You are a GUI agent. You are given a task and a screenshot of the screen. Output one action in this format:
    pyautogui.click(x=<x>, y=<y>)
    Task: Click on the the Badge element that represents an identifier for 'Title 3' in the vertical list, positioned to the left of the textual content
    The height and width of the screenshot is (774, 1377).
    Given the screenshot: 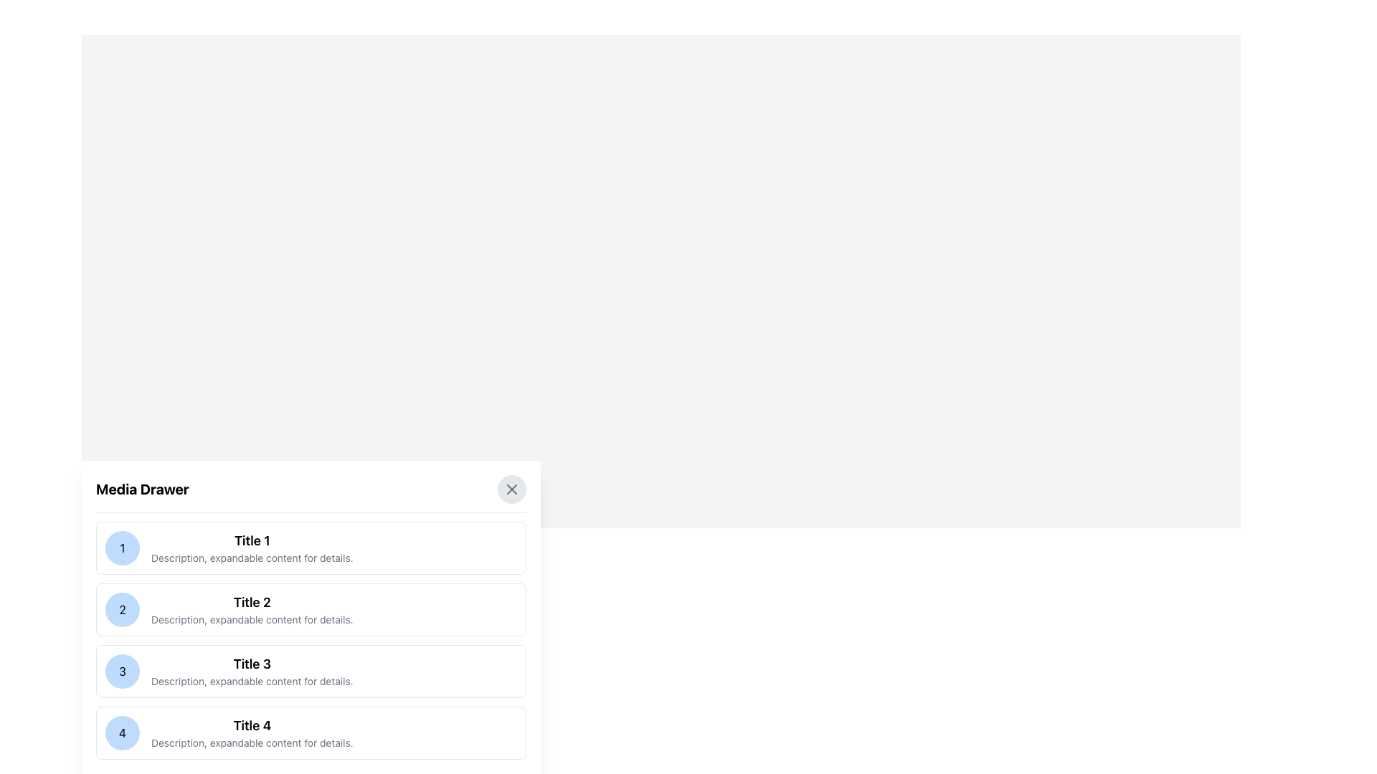 What is the action you would take?
    pyautogui.click(x=123, y=672)
    